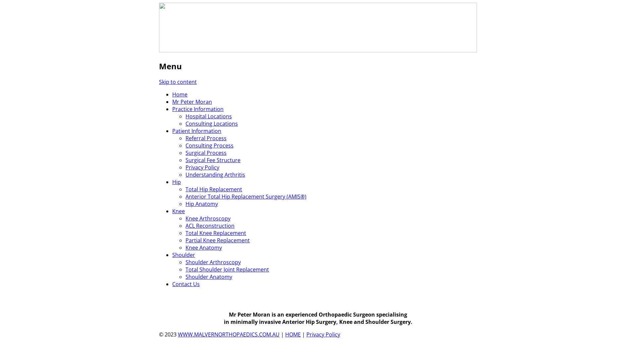 The height and width of the screenshot is (358, 636). What do you see at coordinates (185, 124) in the screenshot?
I see `'Consulting Locations'` at bounding box center [185, 124].